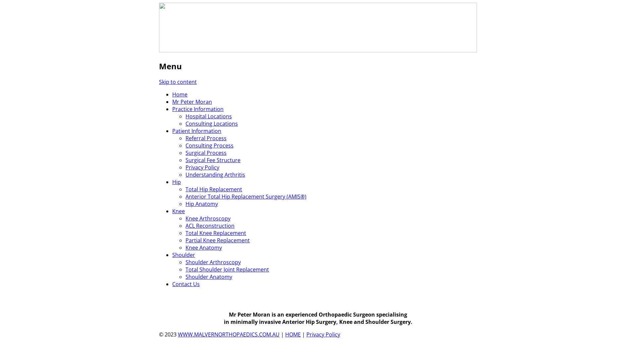 The height and width of the screenshot is (358, 636). What do you see at coordinates (185, 124) in the screenshot?
I see `'Consulting Locations'` at bounding box center [185, 124].